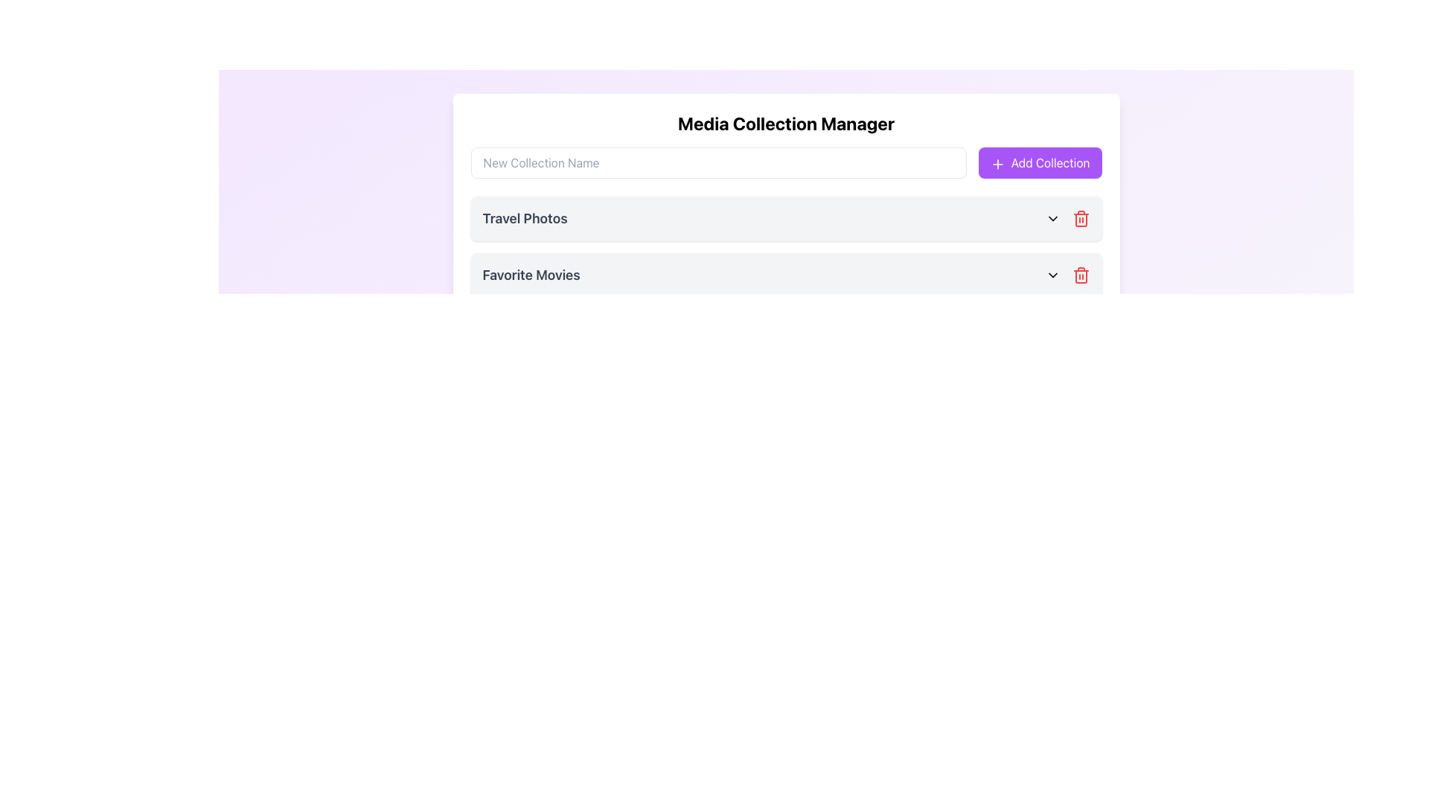 The width and height of the screenshot is (1429, 804). Describe the element at coordinates (525, 218) in the screenshot. I see `the static text label displaying 'Travel Photos', which is styled with a large bold font in gray color and located in the upper section of the interface` at that location.